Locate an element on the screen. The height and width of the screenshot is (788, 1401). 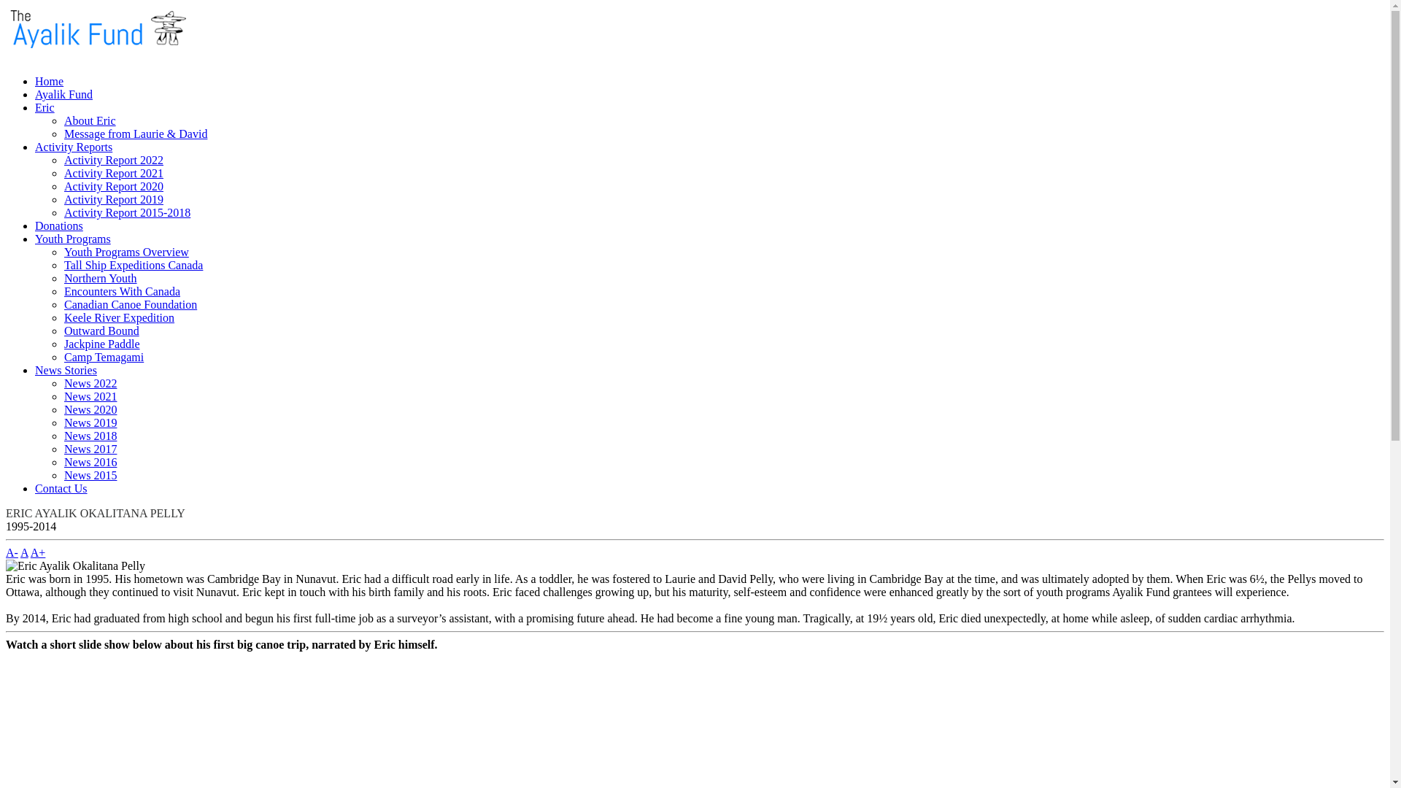
'Outward Bound' is located at coordinates (101, 331).